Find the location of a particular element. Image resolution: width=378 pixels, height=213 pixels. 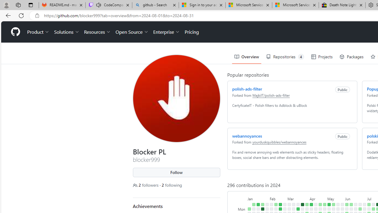

'6 contributions on May 5th.' is located at coordinates (329, 204).